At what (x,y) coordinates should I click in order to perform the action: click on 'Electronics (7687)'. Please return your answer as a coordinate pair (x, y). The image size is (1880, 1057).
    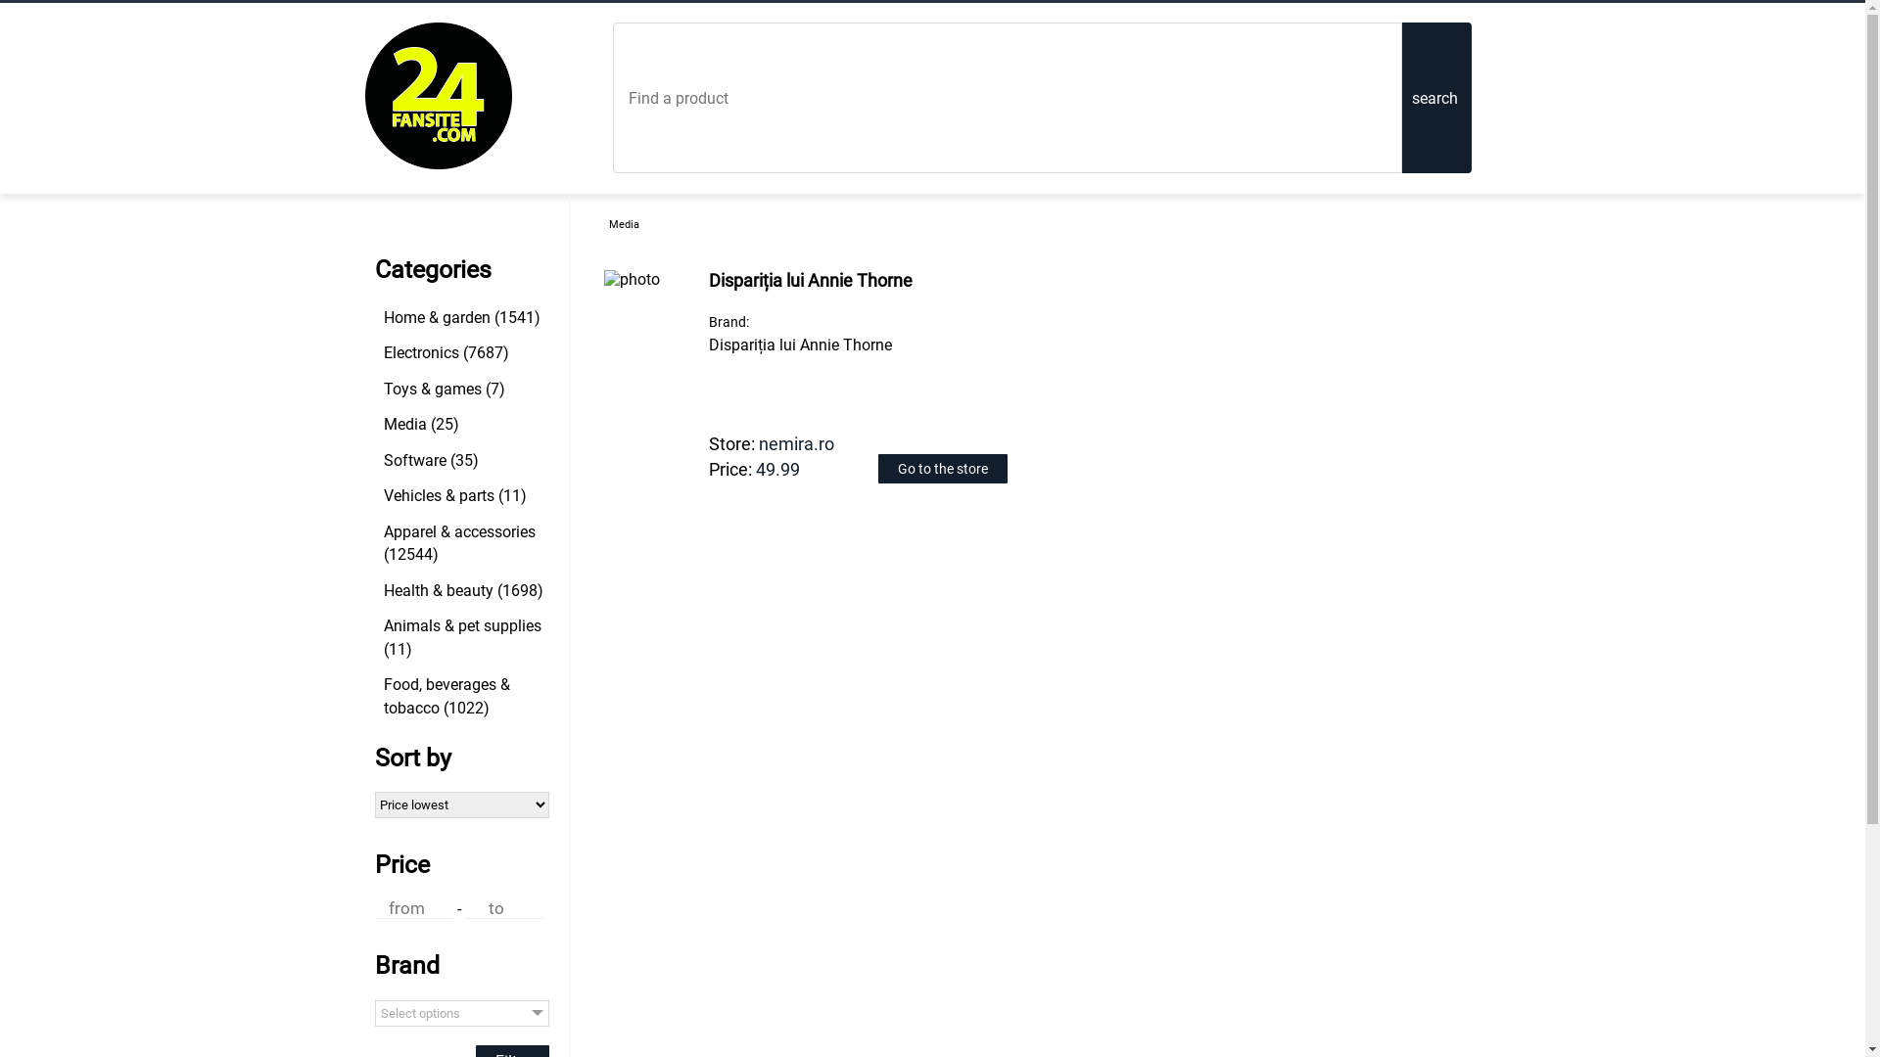
    Looking at the image, I should click on (380, 352).